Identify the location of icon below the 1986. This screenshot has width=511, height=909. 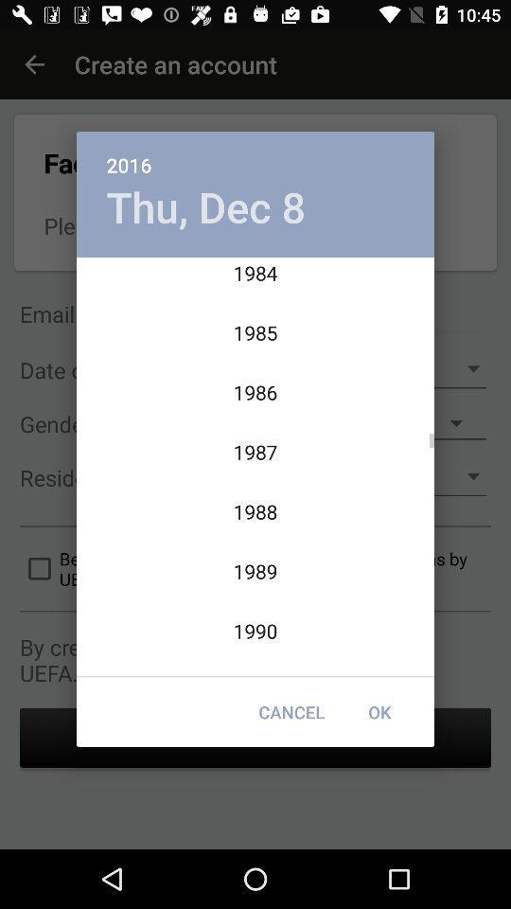
(379, 711).